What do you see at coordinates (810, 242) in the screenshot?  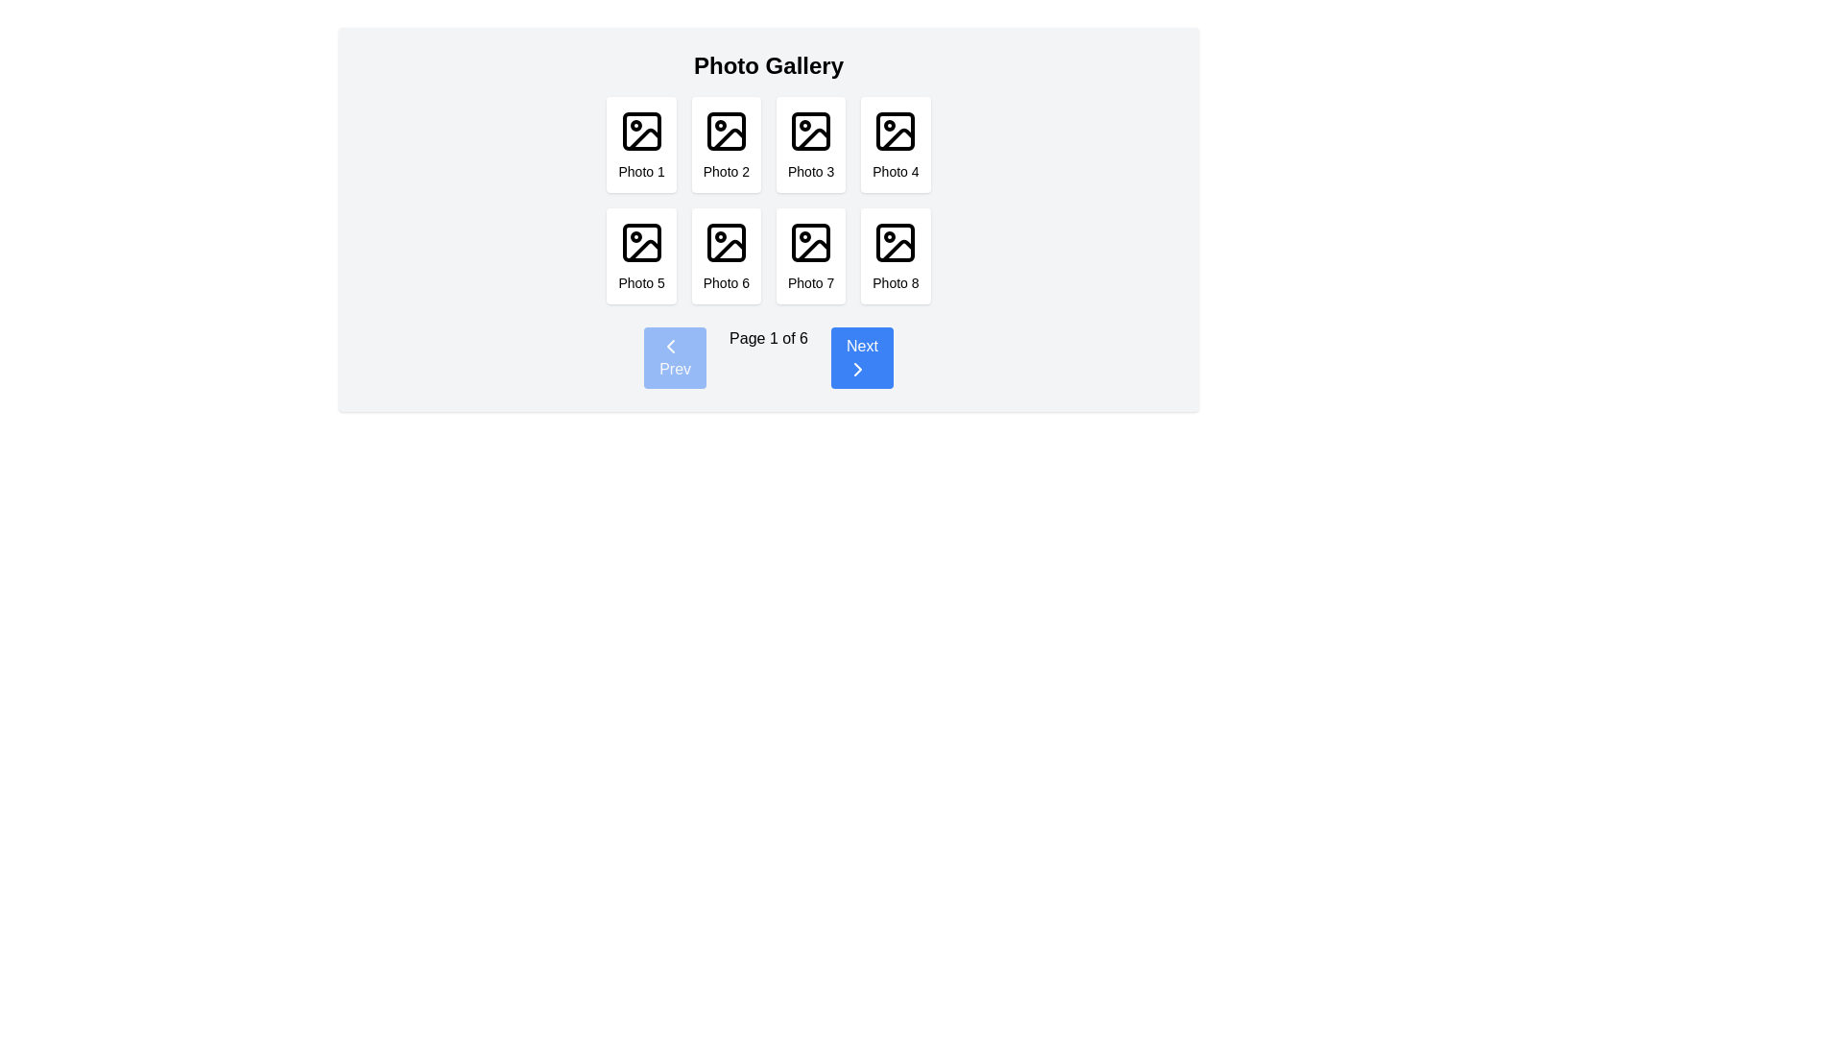 I see `the image placeholder for 'Photo 7' located in the bottom row of the gallery grid, third from the left` at bounding box center [810, 242].